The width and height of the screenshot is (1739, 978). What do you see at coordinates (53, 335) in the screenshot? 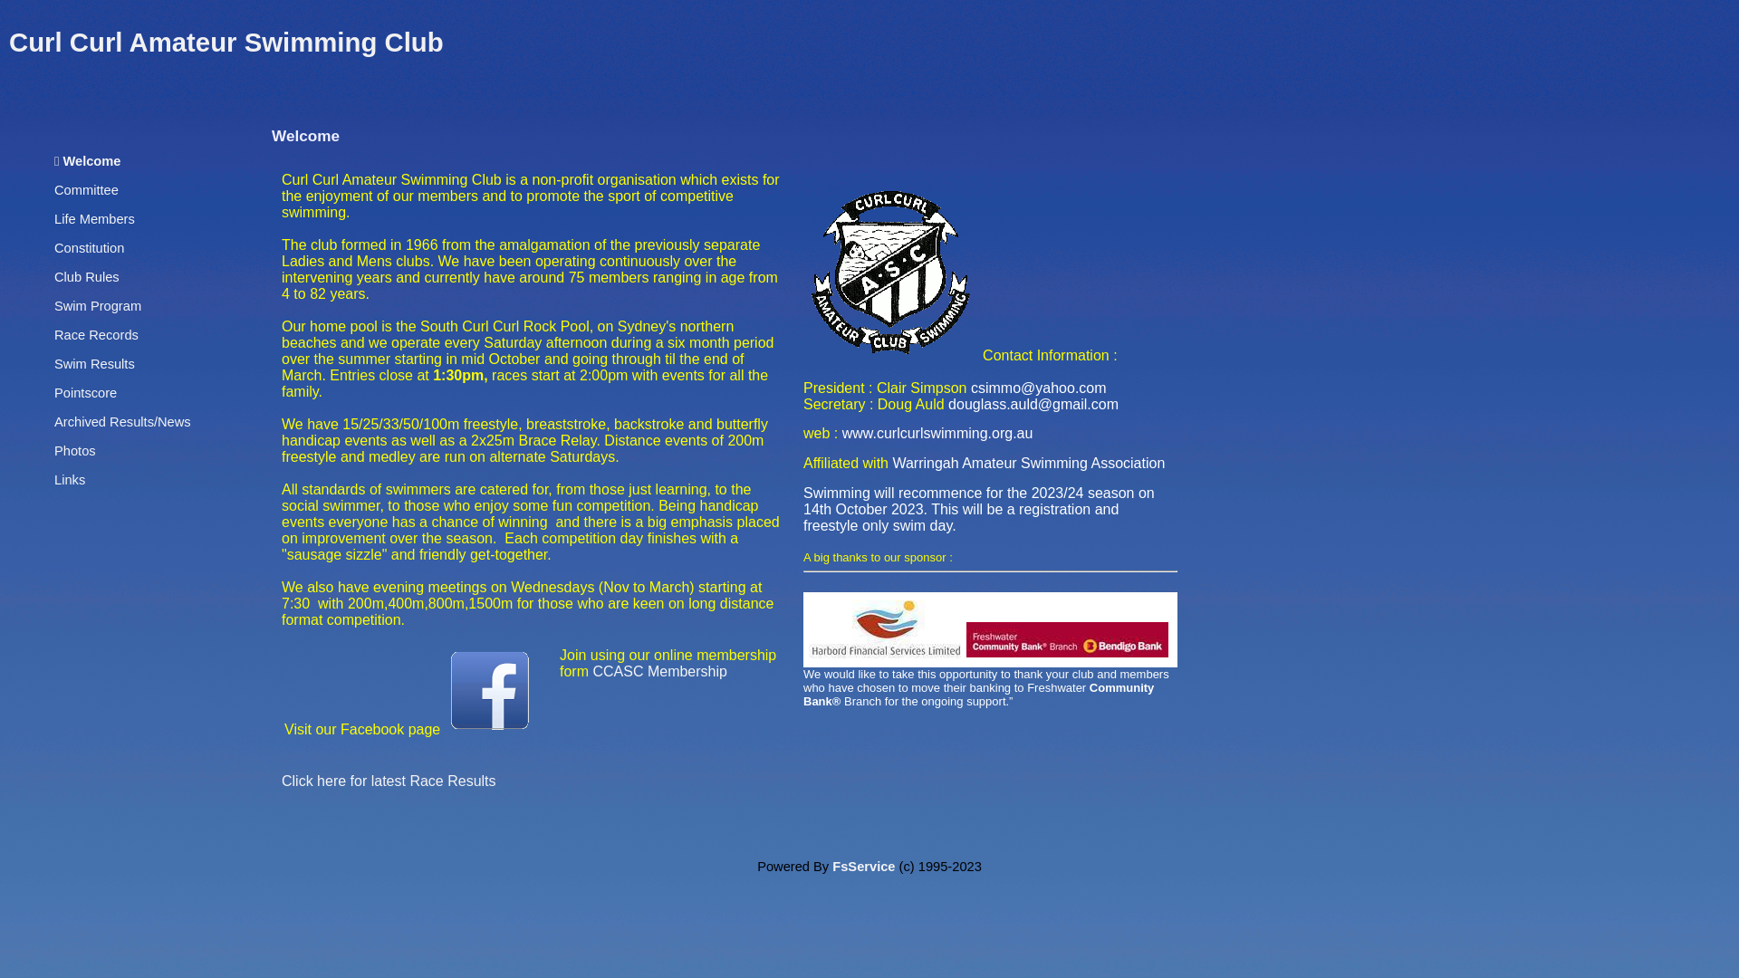
I see `'Race Records'` at bounding box center [53, 335].